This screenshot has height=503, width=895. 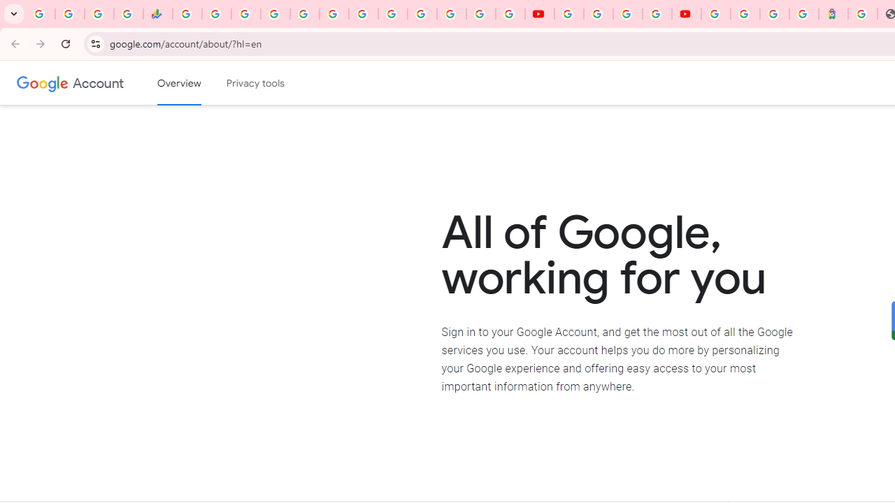 I want to click on 'Google Account Help', so click(x=598, y=14).